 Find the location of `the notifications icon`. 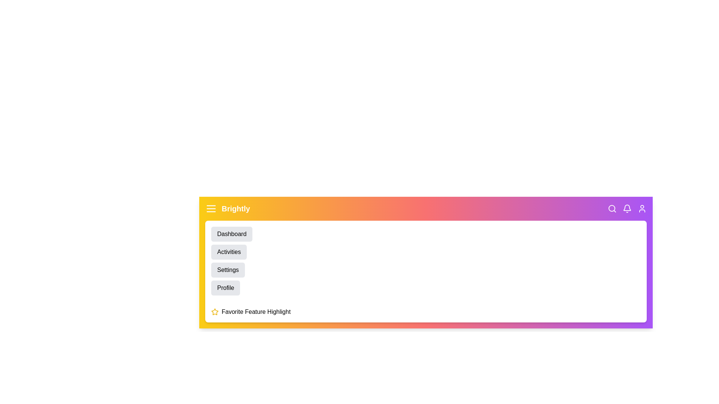

the notifications icon is located at coordinates (627, 209).